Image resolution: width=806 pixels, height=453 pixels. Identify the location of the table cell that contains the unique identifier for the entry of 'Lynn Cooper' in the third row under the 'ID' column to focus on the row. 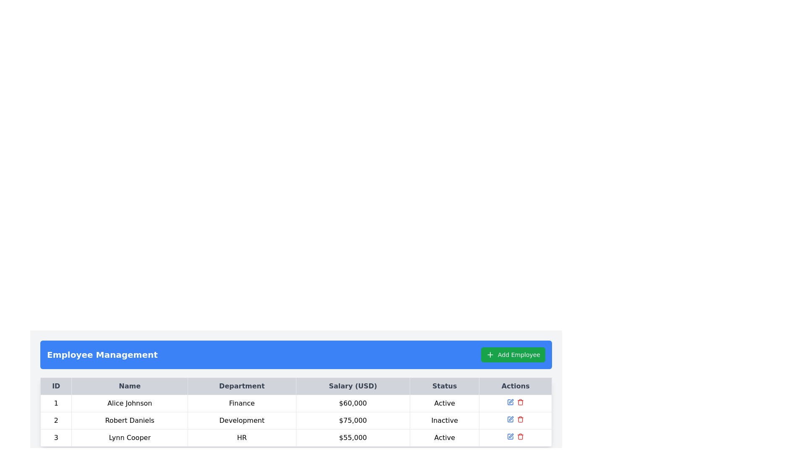
(55, 437).